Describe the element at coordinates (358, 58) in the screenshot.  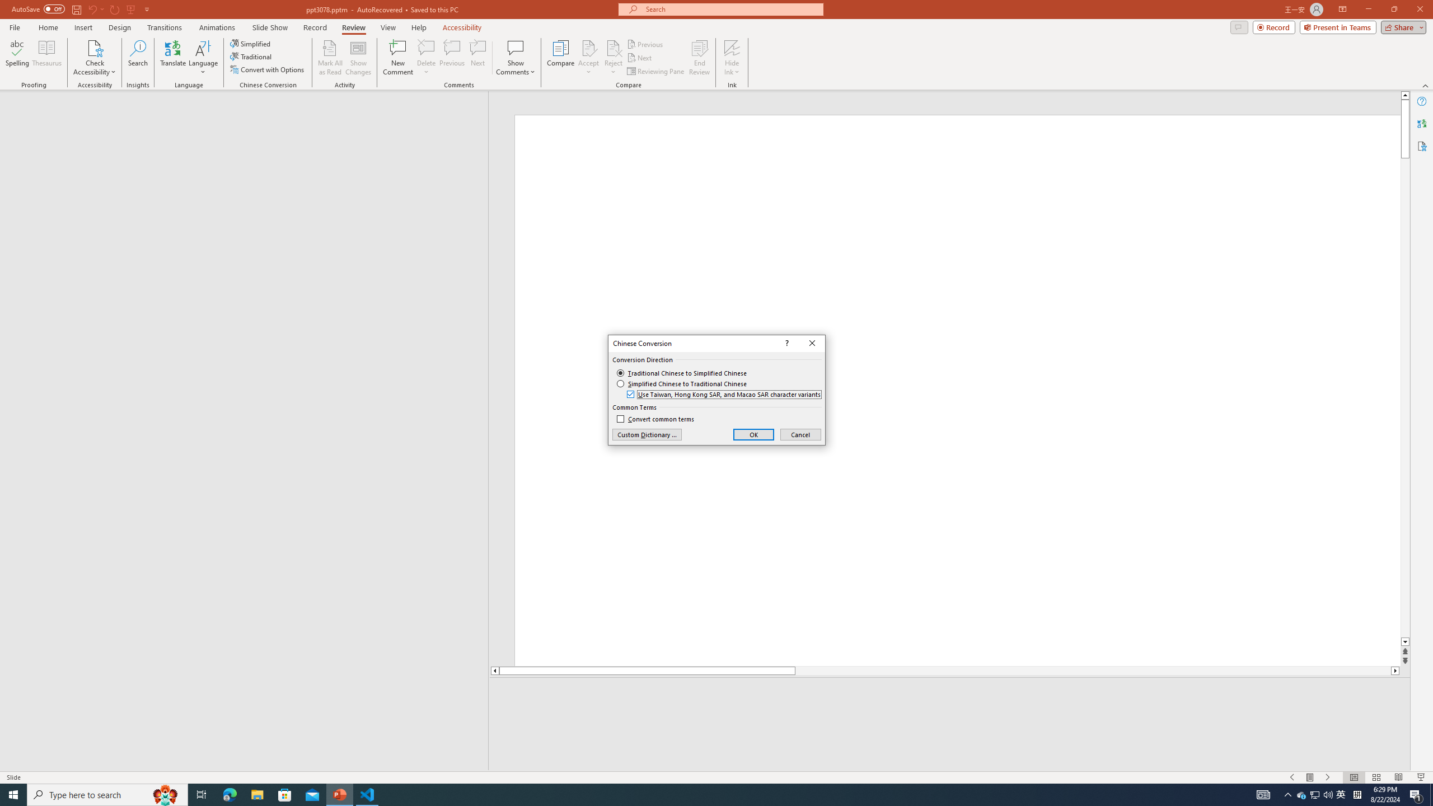
I see `'Show Changes'` at that location.